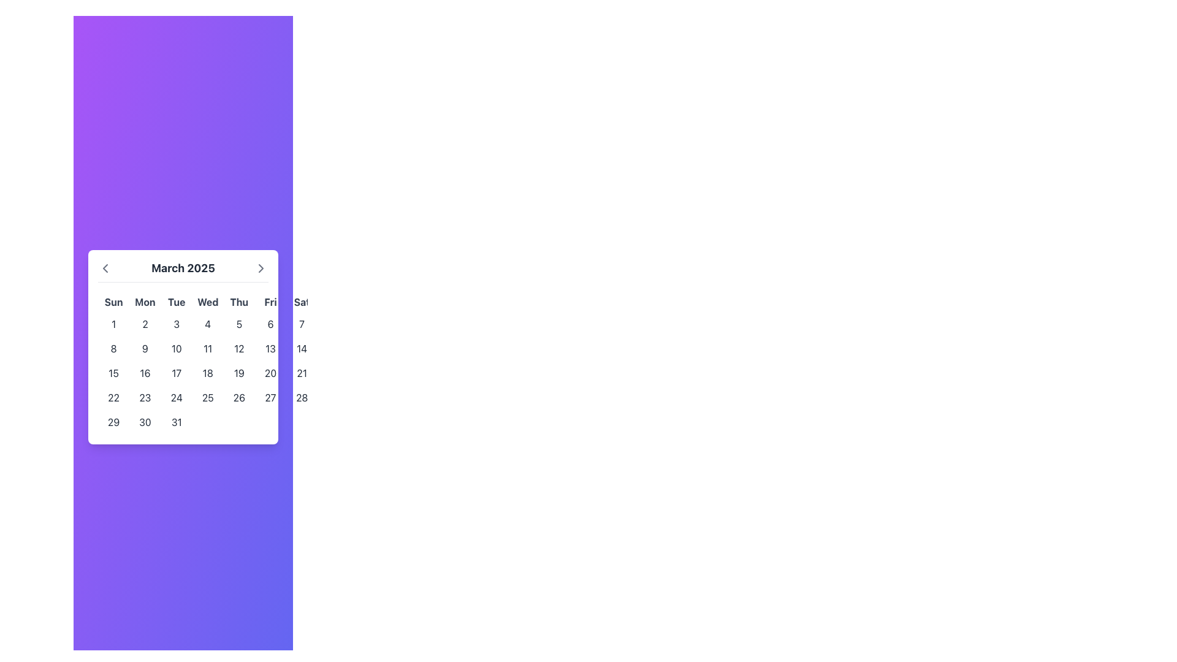  What do you see at coordinates (145, 302) in the screenshot?
I see `the Text Label representing 'Mon', which is the second day of the week in the calendar UI` at bounding box center [145, 302].